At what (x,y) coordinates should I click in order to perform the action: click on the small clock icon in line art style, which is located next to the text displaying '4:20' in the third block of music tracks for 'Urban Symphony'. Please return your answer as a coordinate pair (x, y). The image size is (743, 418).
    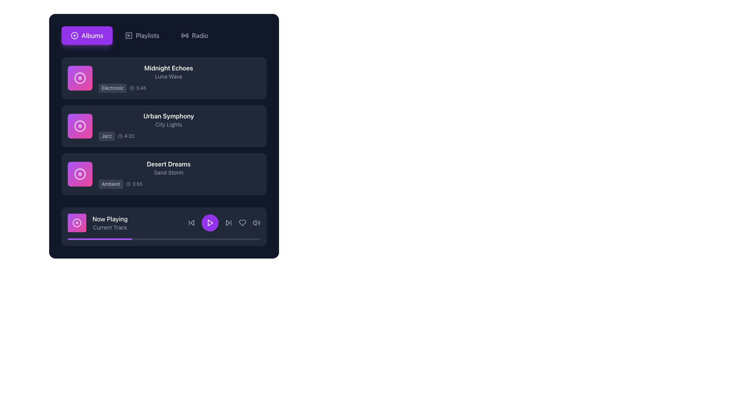
    Looking at the image, I should click on (120, 135).